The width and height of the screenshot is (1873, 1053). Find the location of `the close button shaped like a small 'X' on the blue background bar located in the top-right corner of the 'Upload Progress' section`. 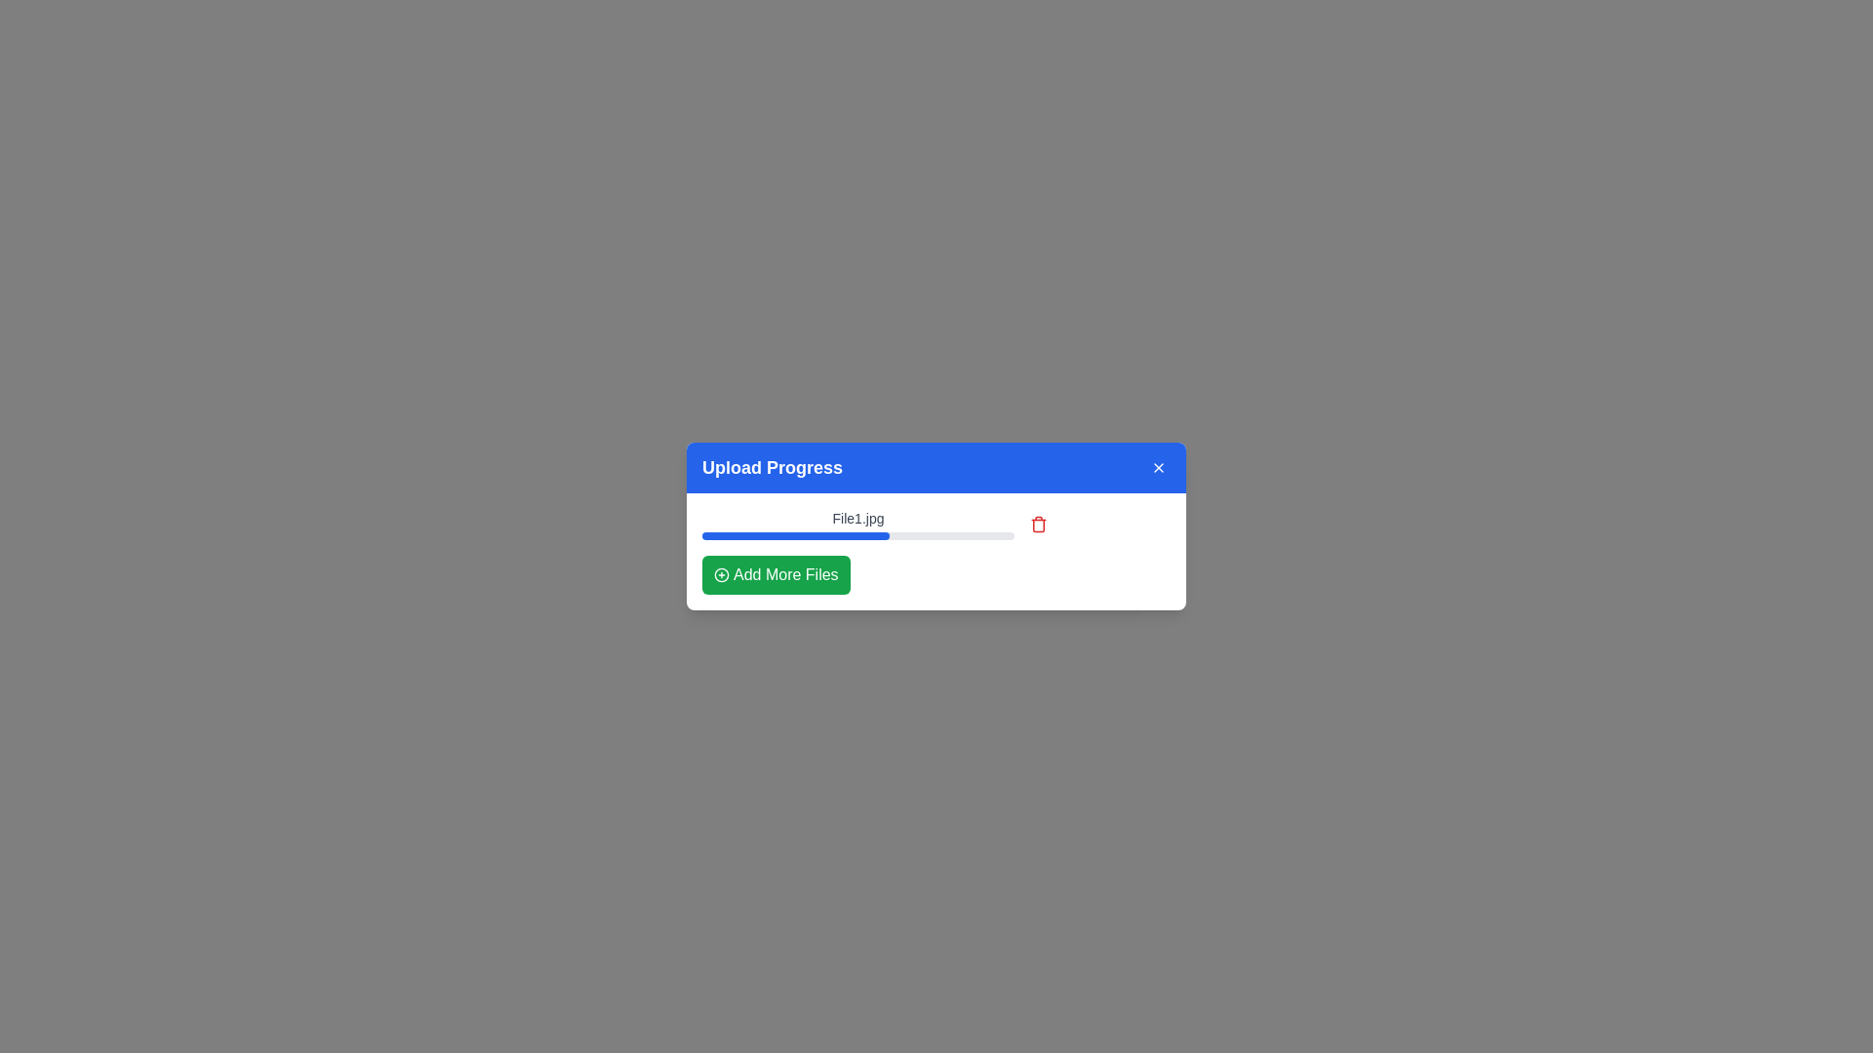

the close button shaped like a small 'X' on the blue background bar located in the top-right corner of the 'Upload Progress' section is located at coordinates (1159, 467).